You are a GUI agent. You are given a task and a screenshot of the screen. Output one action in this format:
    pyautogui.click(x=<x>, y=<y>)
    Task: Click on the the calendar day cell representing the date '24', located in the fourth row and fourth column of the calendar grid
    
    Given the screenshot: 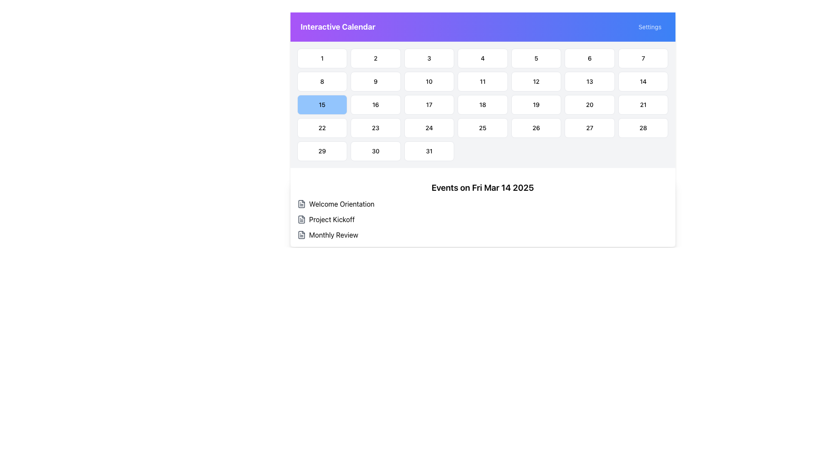 What is the action you would take?
    pyautogui.click(x=429, y=128)
    